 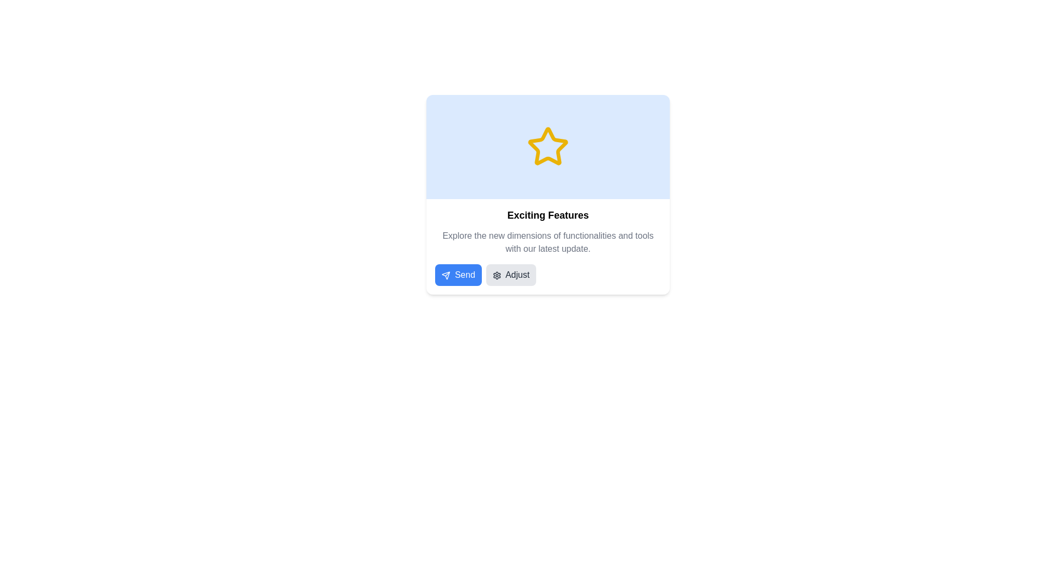 What do you see at coordinates (445, 275) in the screenshot?
I see `the 'Send' button located at the bottom-left corner of the 'Exciting Features' card, which contains the vector graphic representing a sending action` at bounding box center [445, 275].